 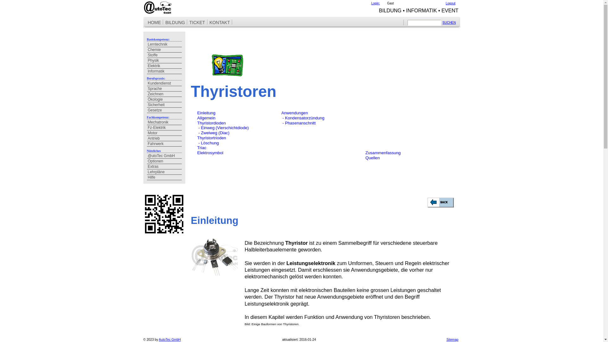 What do you see at coordinates (197, 132) in the screenshot?
I see `' - Zweiweg (Diac)'` at bounding box center [197, 132].